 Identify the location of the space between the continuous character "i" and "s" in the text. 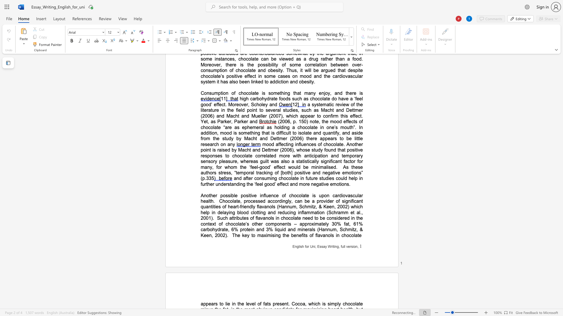
(272, 235).